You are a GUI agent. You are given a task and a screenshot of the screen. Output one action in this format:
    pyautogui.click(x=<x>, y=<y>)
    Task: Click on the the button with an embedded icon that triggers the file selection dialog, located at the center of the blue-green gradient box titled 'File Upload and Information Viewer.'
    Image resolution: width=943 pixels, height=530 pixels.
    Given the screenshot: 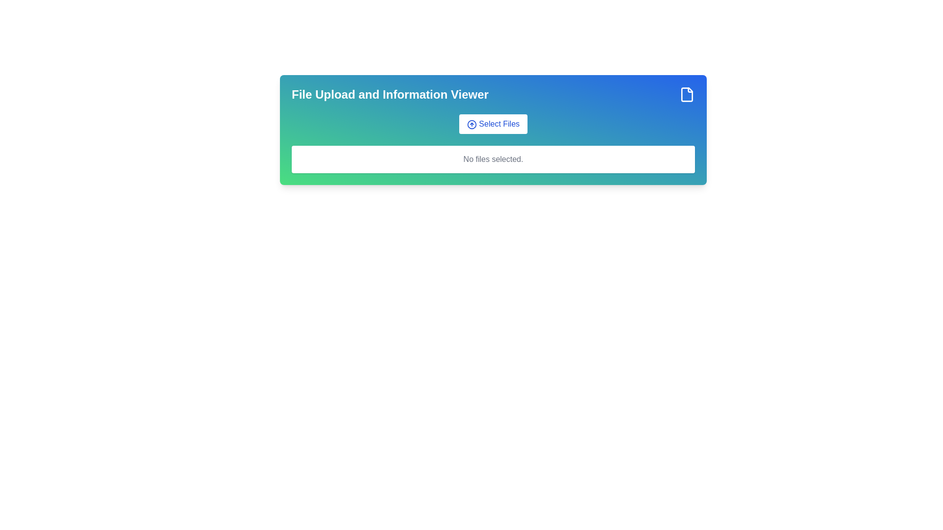 What is the action you would take?
    pyautogui.click(x=493, y=124)
    